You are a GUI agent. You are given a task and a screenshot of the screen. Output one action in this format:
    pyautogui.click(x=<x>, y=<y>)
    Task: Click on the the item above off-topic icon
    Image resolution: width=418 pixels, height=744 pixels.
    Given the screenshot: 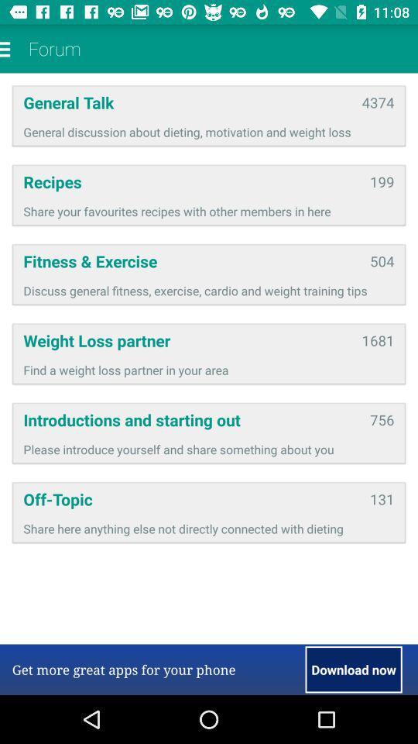 What is the action you would take?
    pyautogui.click(x=209, y=449)
    